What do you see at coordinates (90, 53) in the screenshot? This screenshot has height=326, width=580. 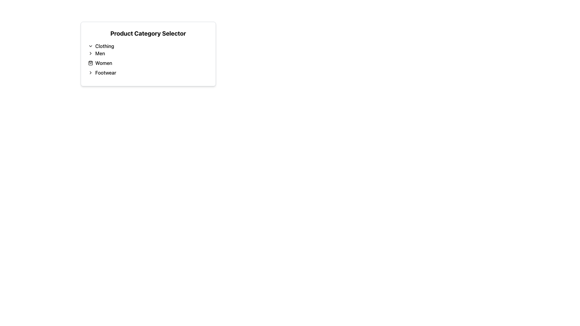 I see `the chevron right icon located to the left of the text 'Men' in the product category selector under the 'Clothing' label` at bounding box center [90, 53].